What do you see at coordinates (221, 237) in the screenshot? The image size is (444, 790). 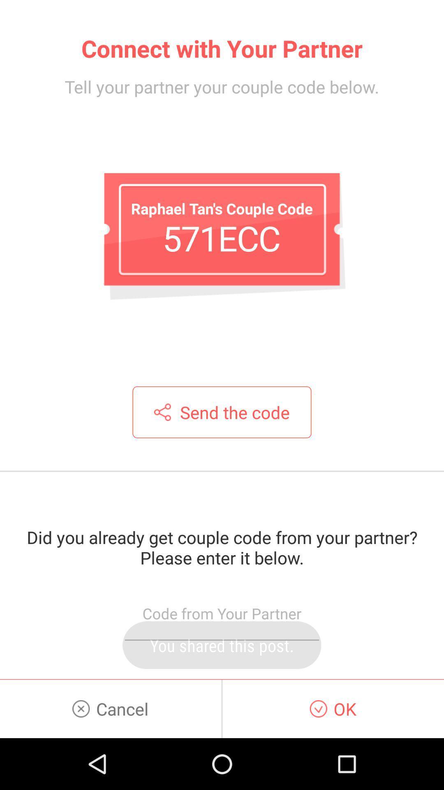 I see `item above the send the code item` at bounding box center [221, 237].